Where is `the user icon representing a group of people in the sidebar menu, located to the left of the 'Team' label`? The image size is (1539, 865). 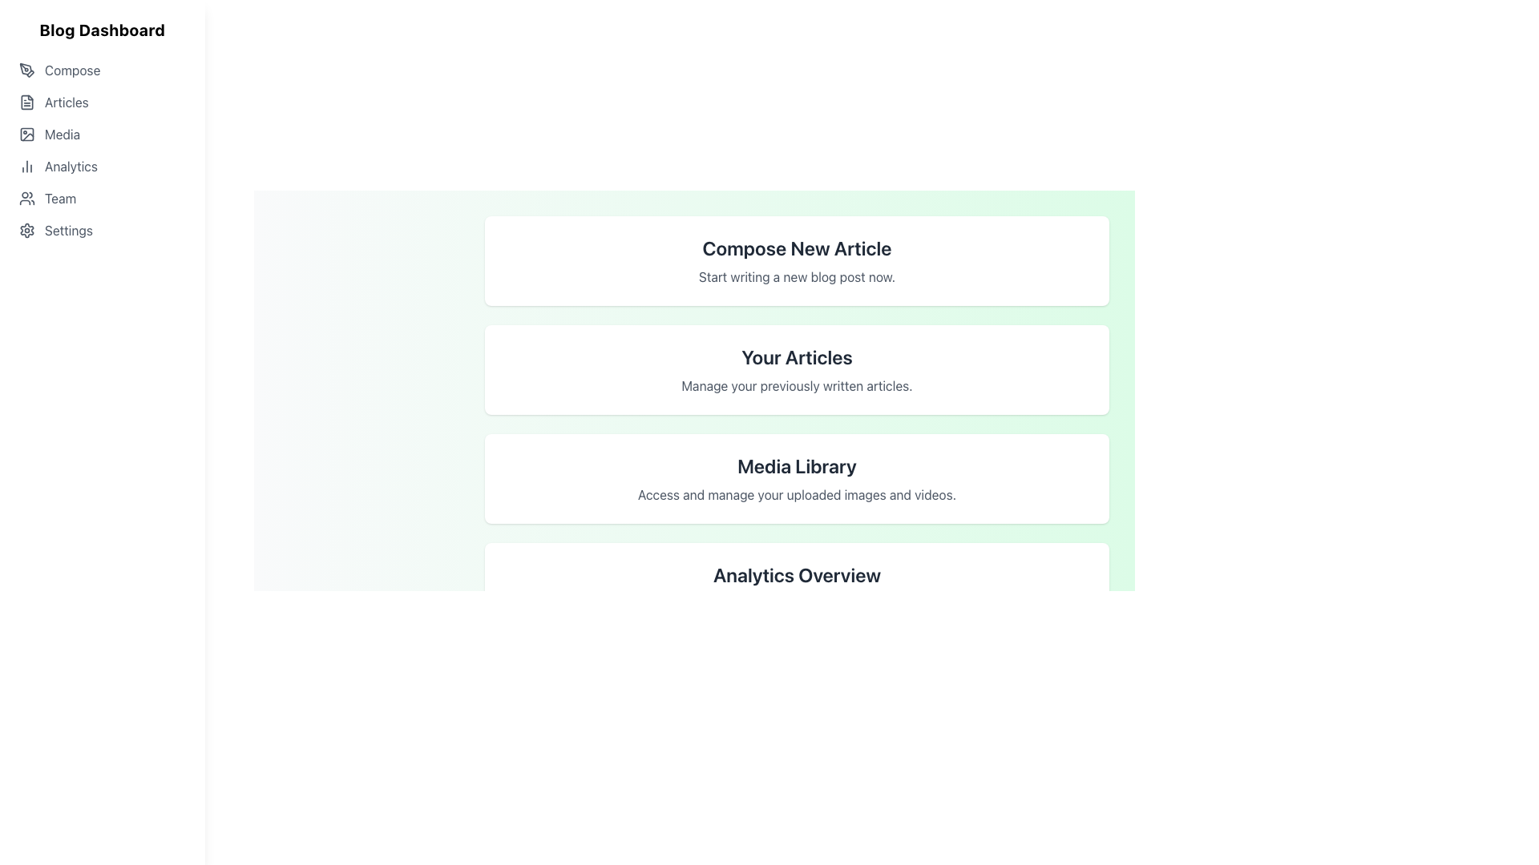
the user icon representing a group of people in the sidebar menu, located to the left of the 'Team' label is located at coordinates (26, 197).